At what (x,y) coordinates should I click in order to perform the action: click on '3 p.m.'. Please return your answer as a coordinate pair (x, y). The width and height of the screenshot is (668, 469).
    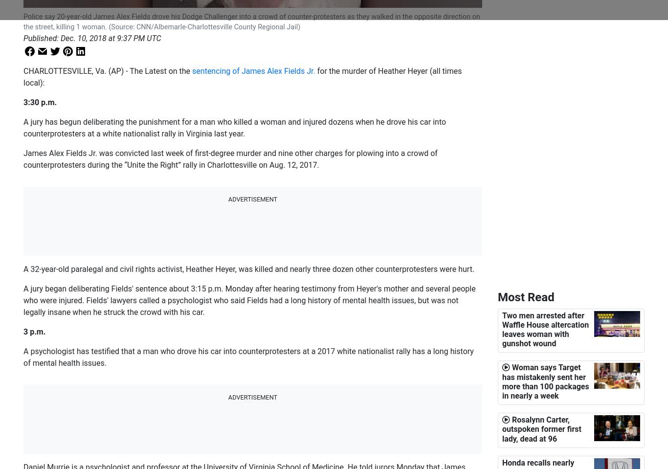
    Looking at the image, I should click on (34, 331).